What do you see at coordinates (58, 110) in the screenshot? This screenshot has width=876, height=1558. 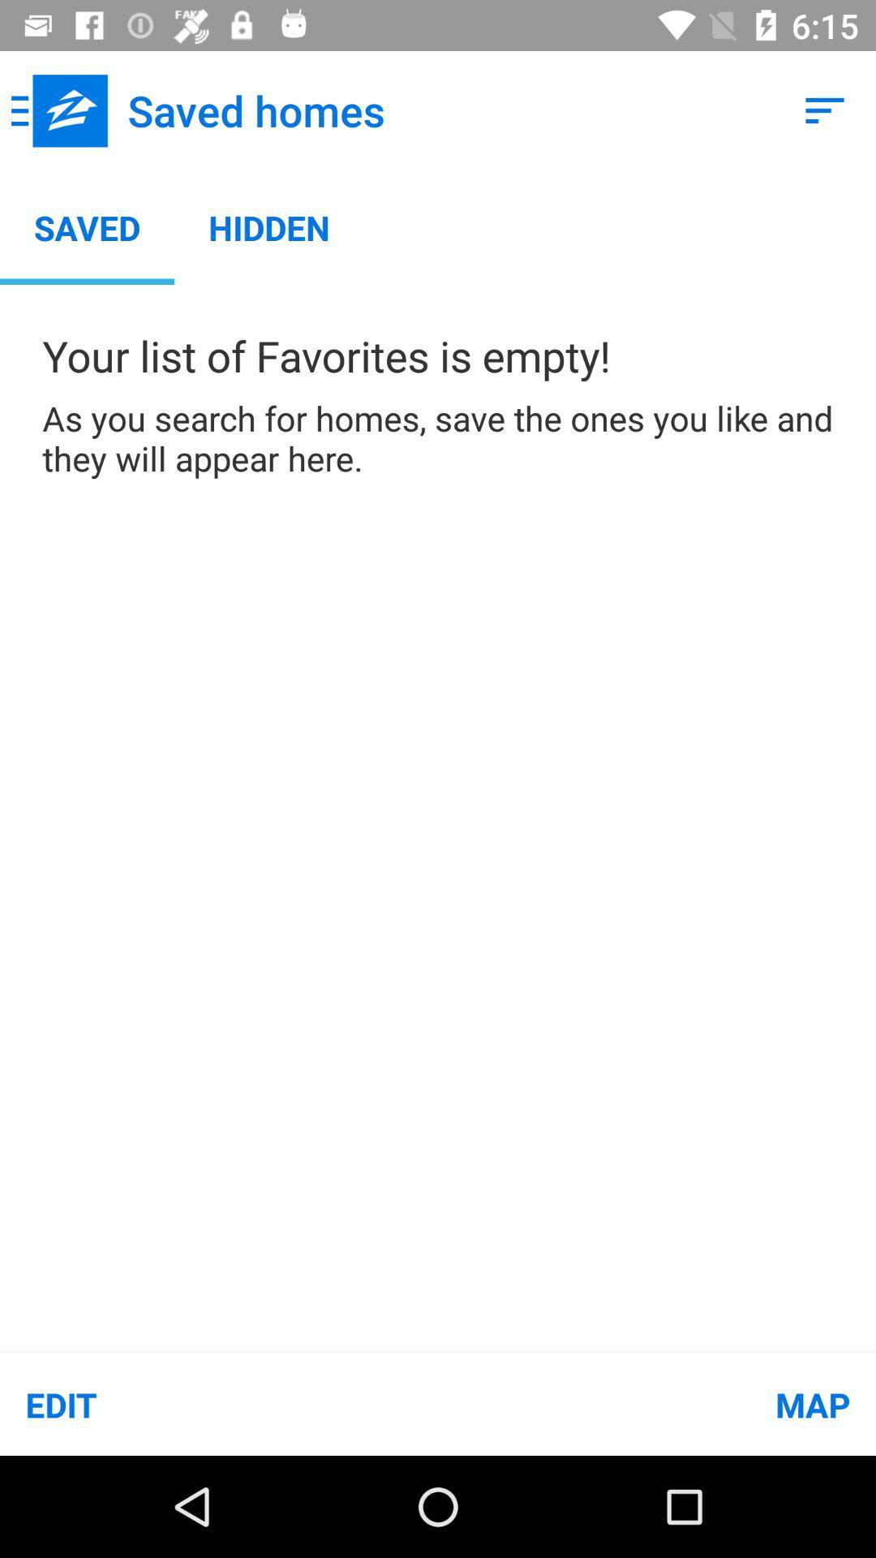 I see `icon above the saved app` at bounding box center [58, 110].